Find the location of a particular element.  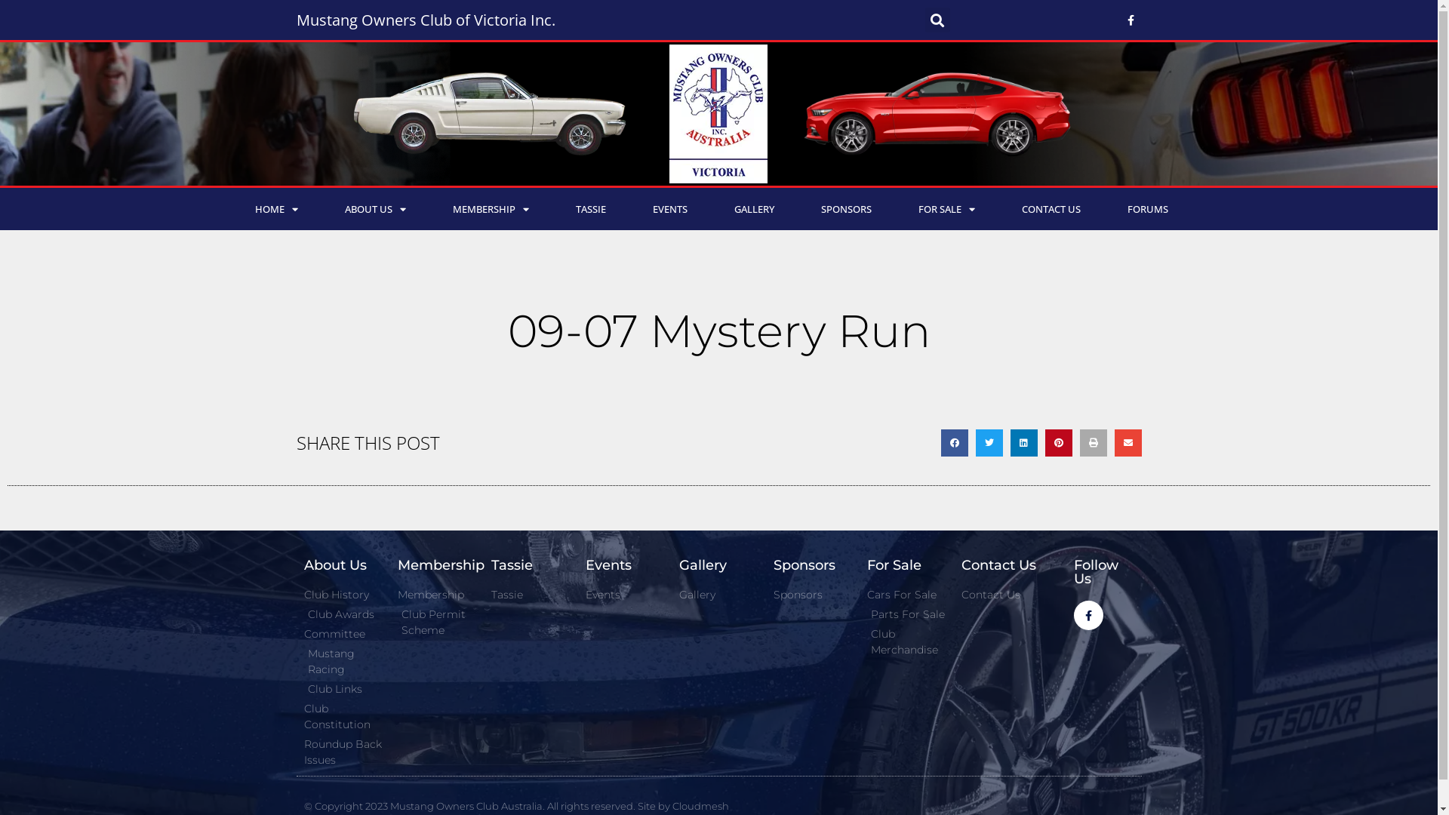

'CONTACT US' is located at coordinates (997, 209).